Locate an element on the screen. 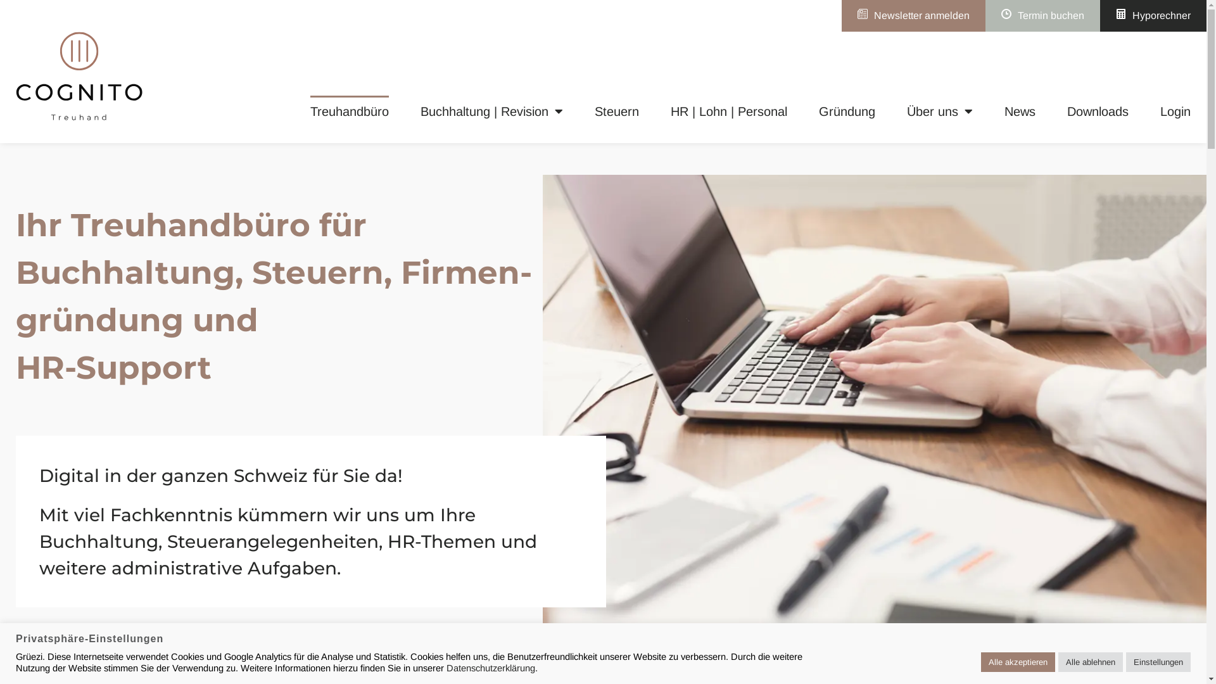 This screenshot has height=684, width=1216. 'Downloads' is located at coordinates (1097, 111).